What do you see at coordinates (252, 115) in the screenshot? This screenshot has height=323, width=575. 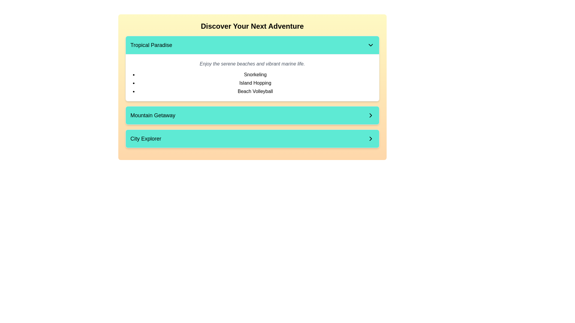 I see `the second button in the vertical list titled 'Mountain Getaway'` at bounding box center [252, 115].